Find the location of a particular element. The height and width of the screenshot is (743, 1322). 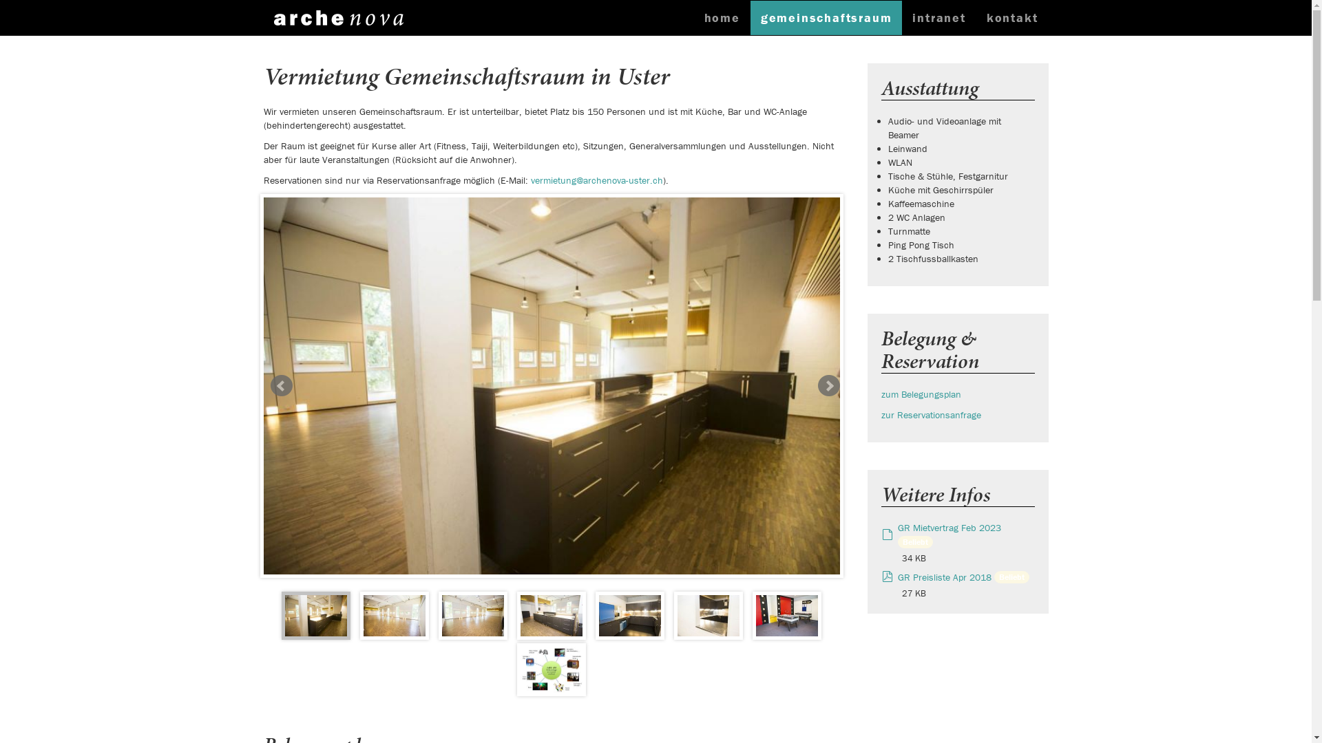

'Prev' is located at coordinates (280, 385).